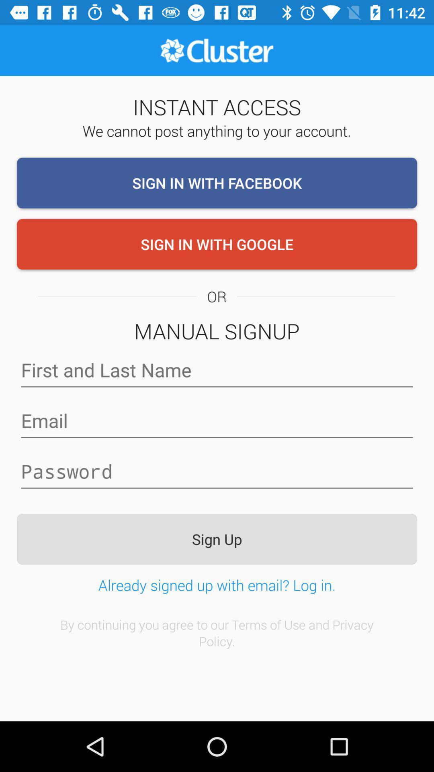 The image size is (434, 772). What do you see at coordinates (217, 471) in the screenshot?
I see `password` at bounding box center [217, 471].